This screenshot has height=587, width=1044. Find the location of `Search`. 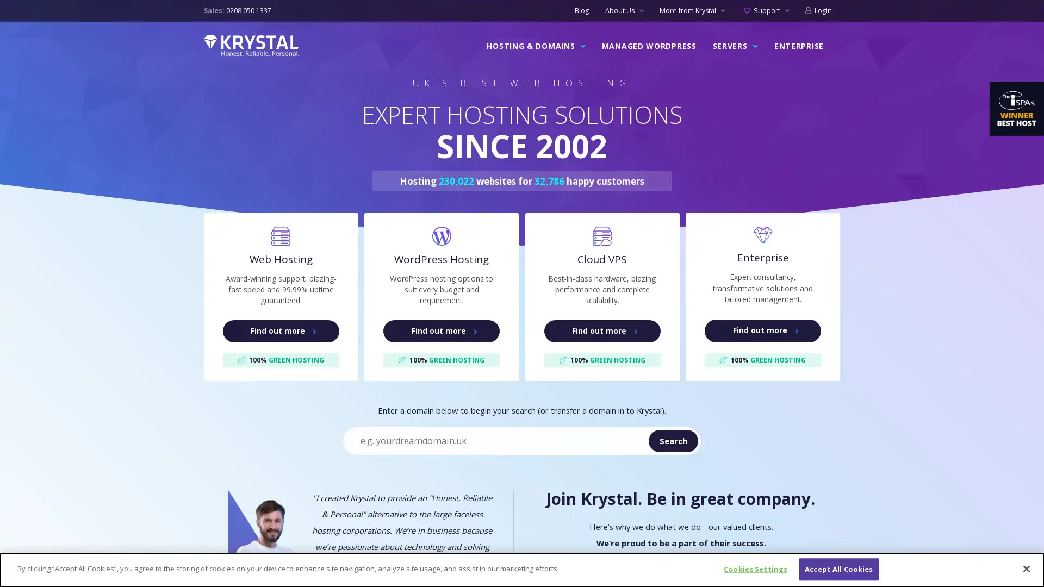

Search is located at coordinates (673, 440).